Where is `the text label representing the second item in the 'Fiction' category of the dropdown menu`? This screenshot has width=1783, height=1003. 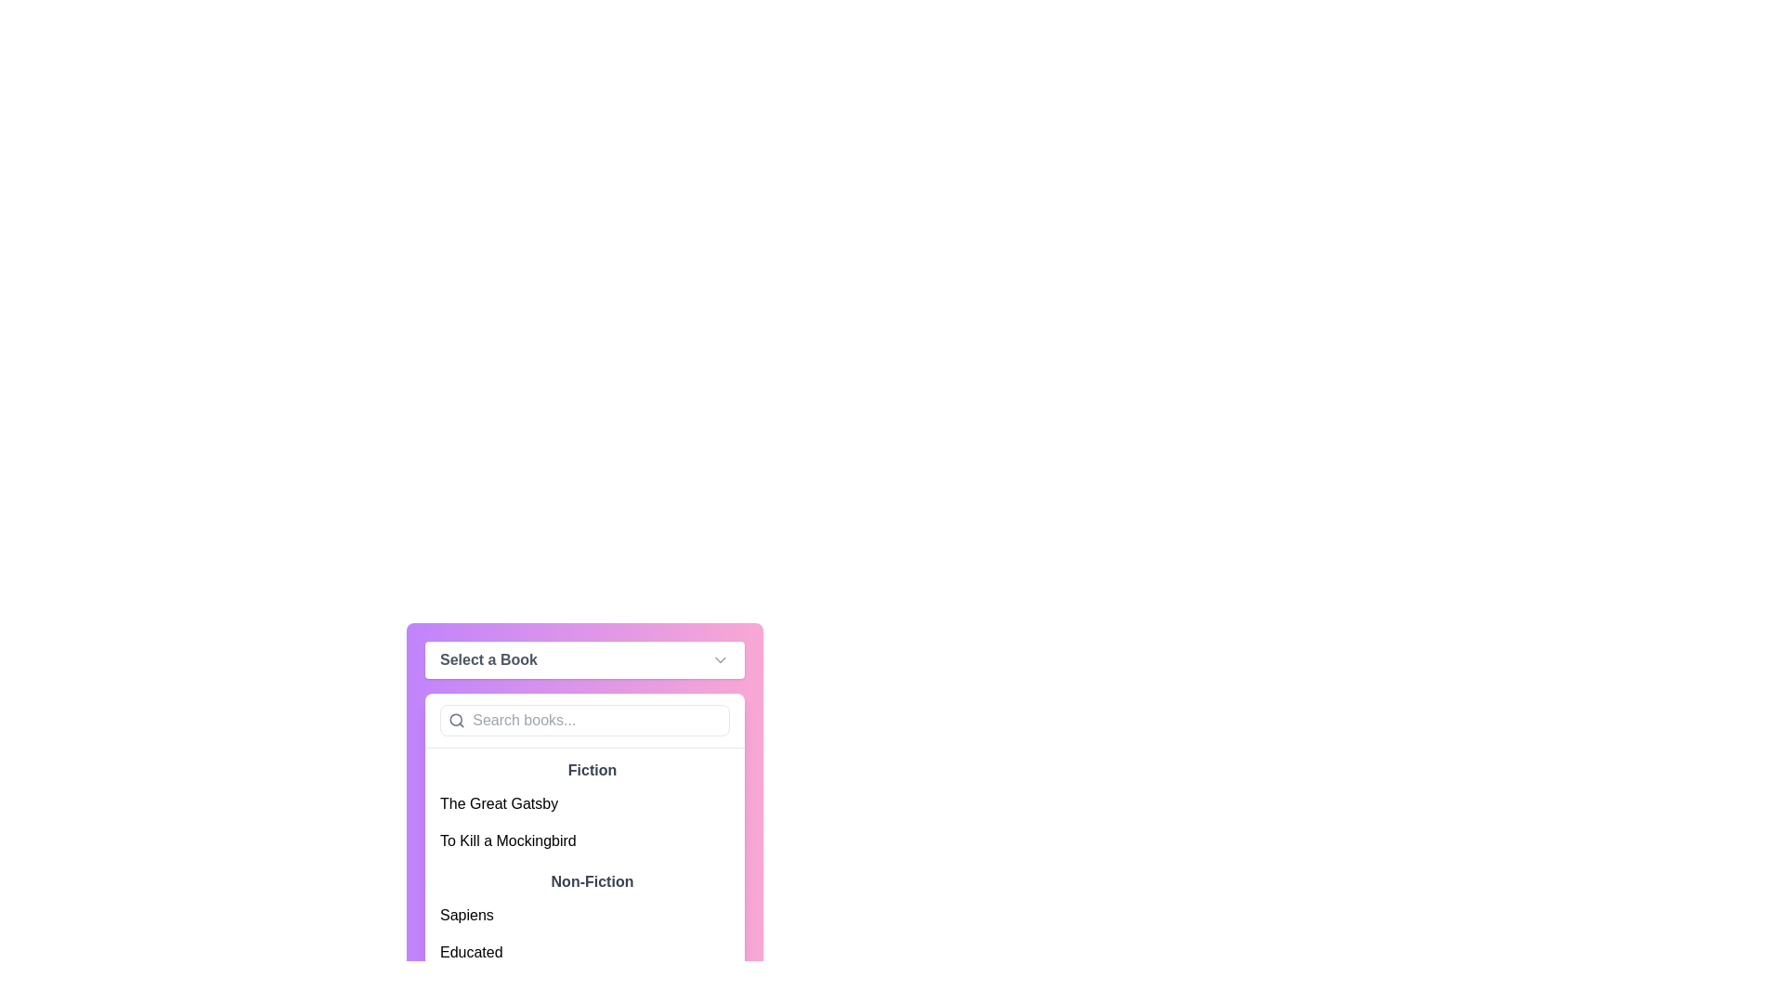
the text label representing the second item in the 'Fiction' category of the dropdown menu is located at coordinates (508, 841).